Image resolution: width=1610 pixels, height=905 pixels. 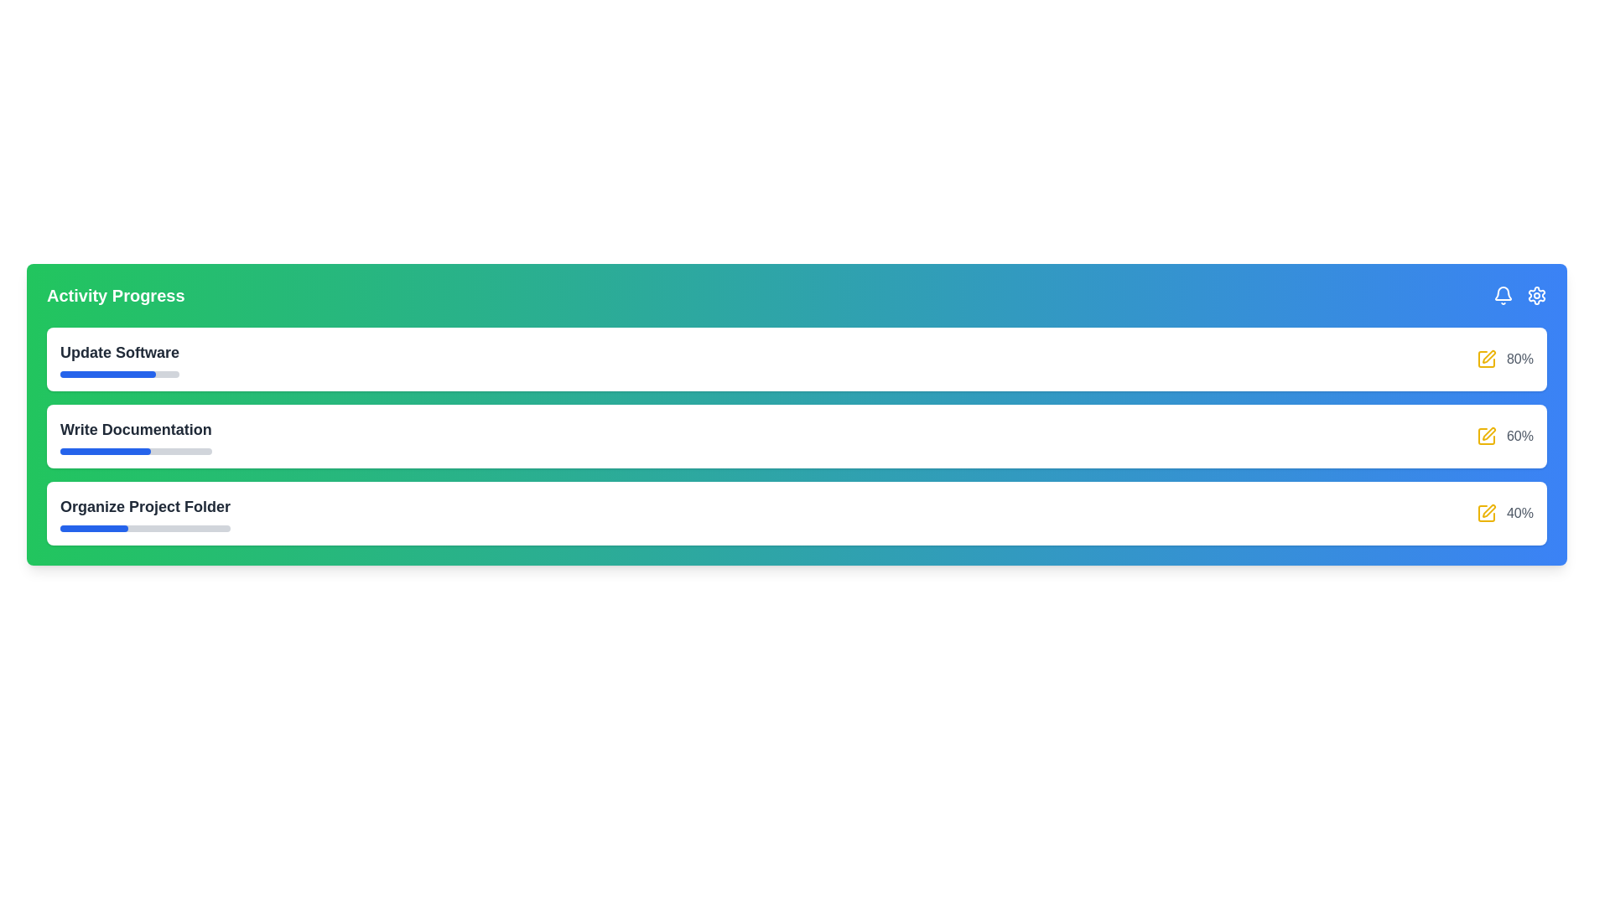 I want to click on the yellow square icon with a pen overlay next to the '80%' progress indicator, so click(x=1505, y=358).